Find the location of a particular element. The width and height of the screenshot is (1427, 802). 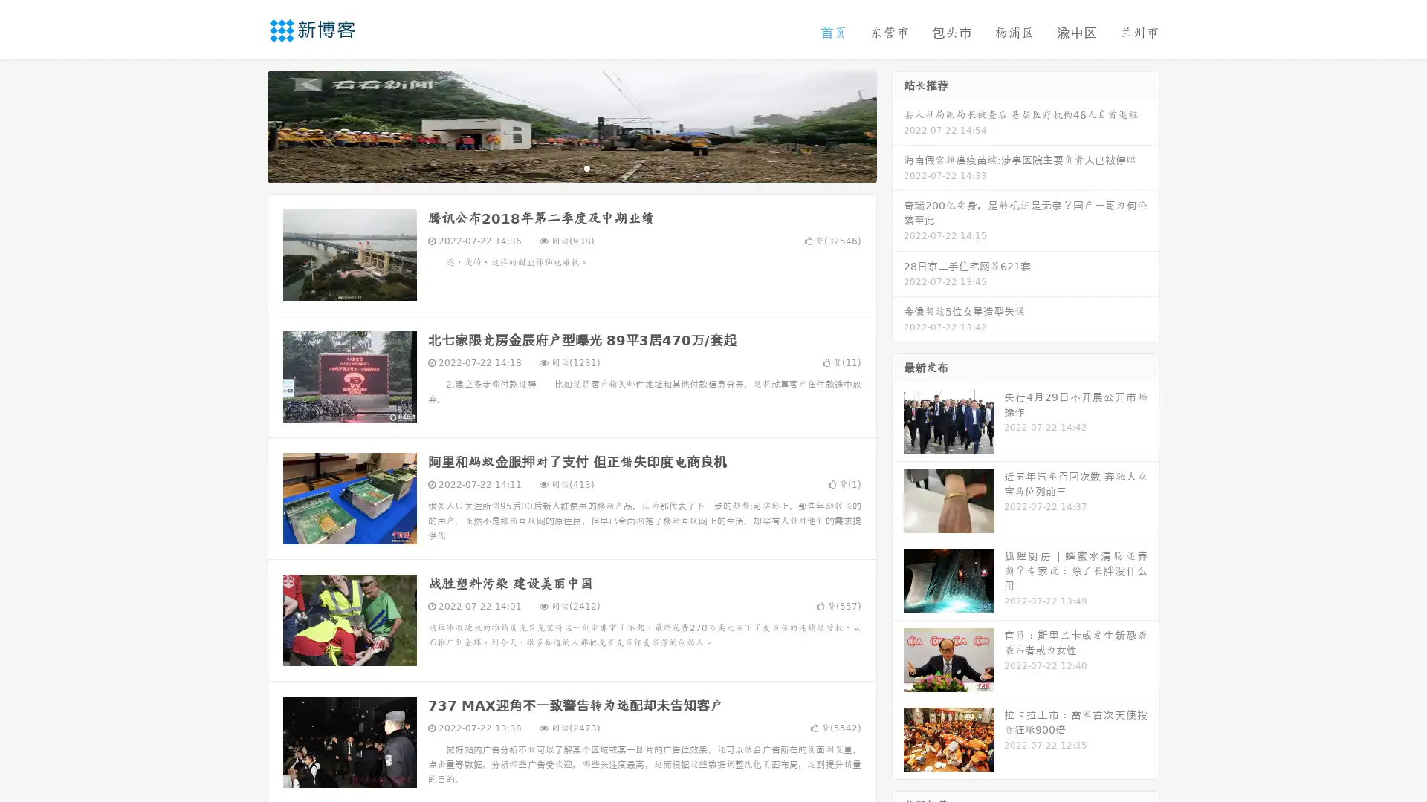

Go to slide 3 is located at coordinates (586, 167).